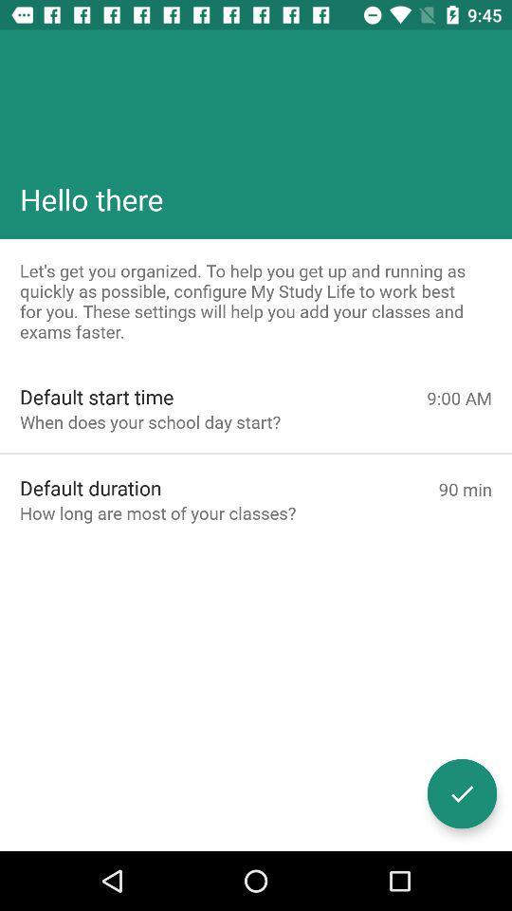  I want to click on the item at the bottom right corner, so click(461, 793).